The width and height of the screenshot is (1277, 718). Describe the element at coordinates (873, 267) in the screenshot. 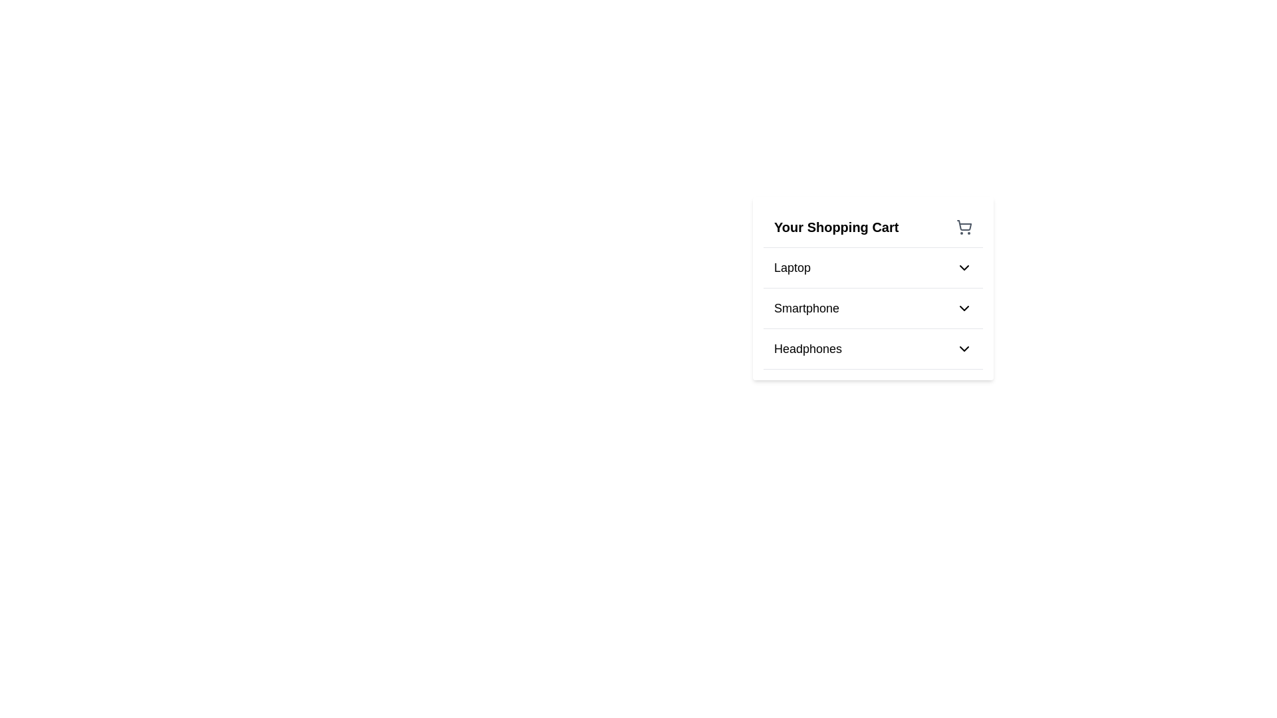

I see `the dropdown item labeled 'Laptop' within the shopping cart section to access available actions` at that location.